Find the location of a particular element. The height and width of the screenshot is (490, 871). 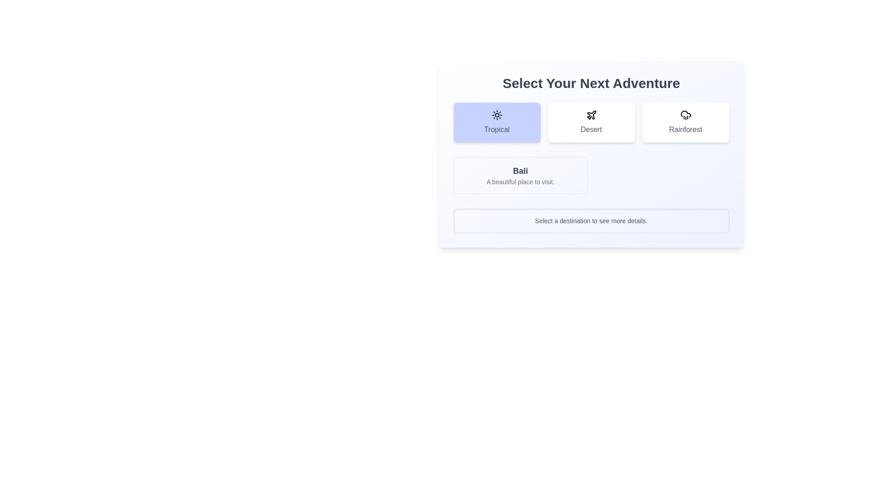

the text label that describes the category or theme represented is located at coordinates (496, 129).